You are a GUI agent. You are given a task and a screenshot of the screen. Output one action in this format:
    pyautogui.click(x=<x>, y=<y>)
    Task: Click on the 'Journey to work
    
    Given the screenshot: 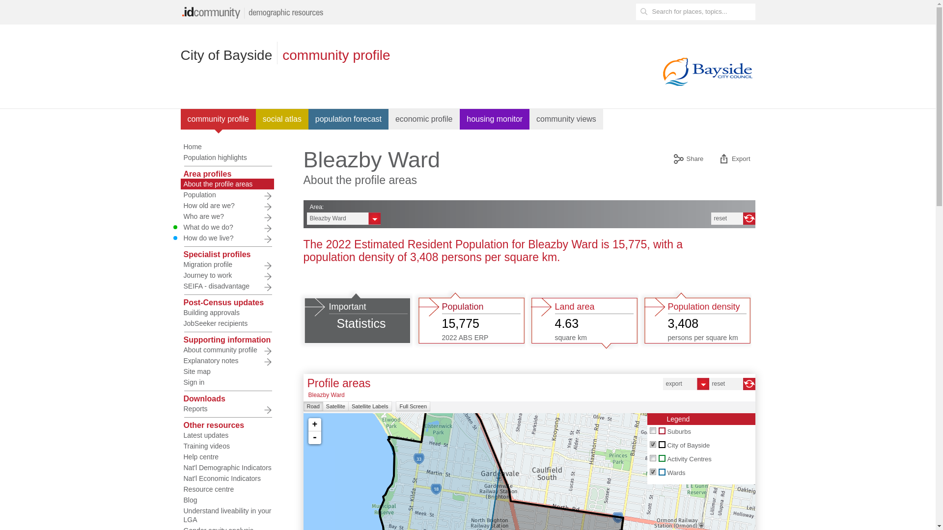 What is the action you would take?
    pyautogui.click(x=226, y=275)
    